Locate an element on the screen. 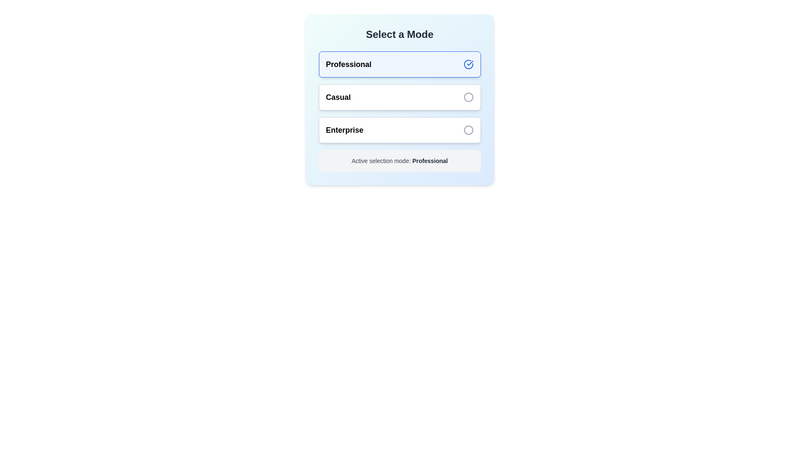  the visual indicator icon confirming the 'Professional' mode selection, located to the right of the 'Professional' label in the selection area is located at coordinates (469, 63).